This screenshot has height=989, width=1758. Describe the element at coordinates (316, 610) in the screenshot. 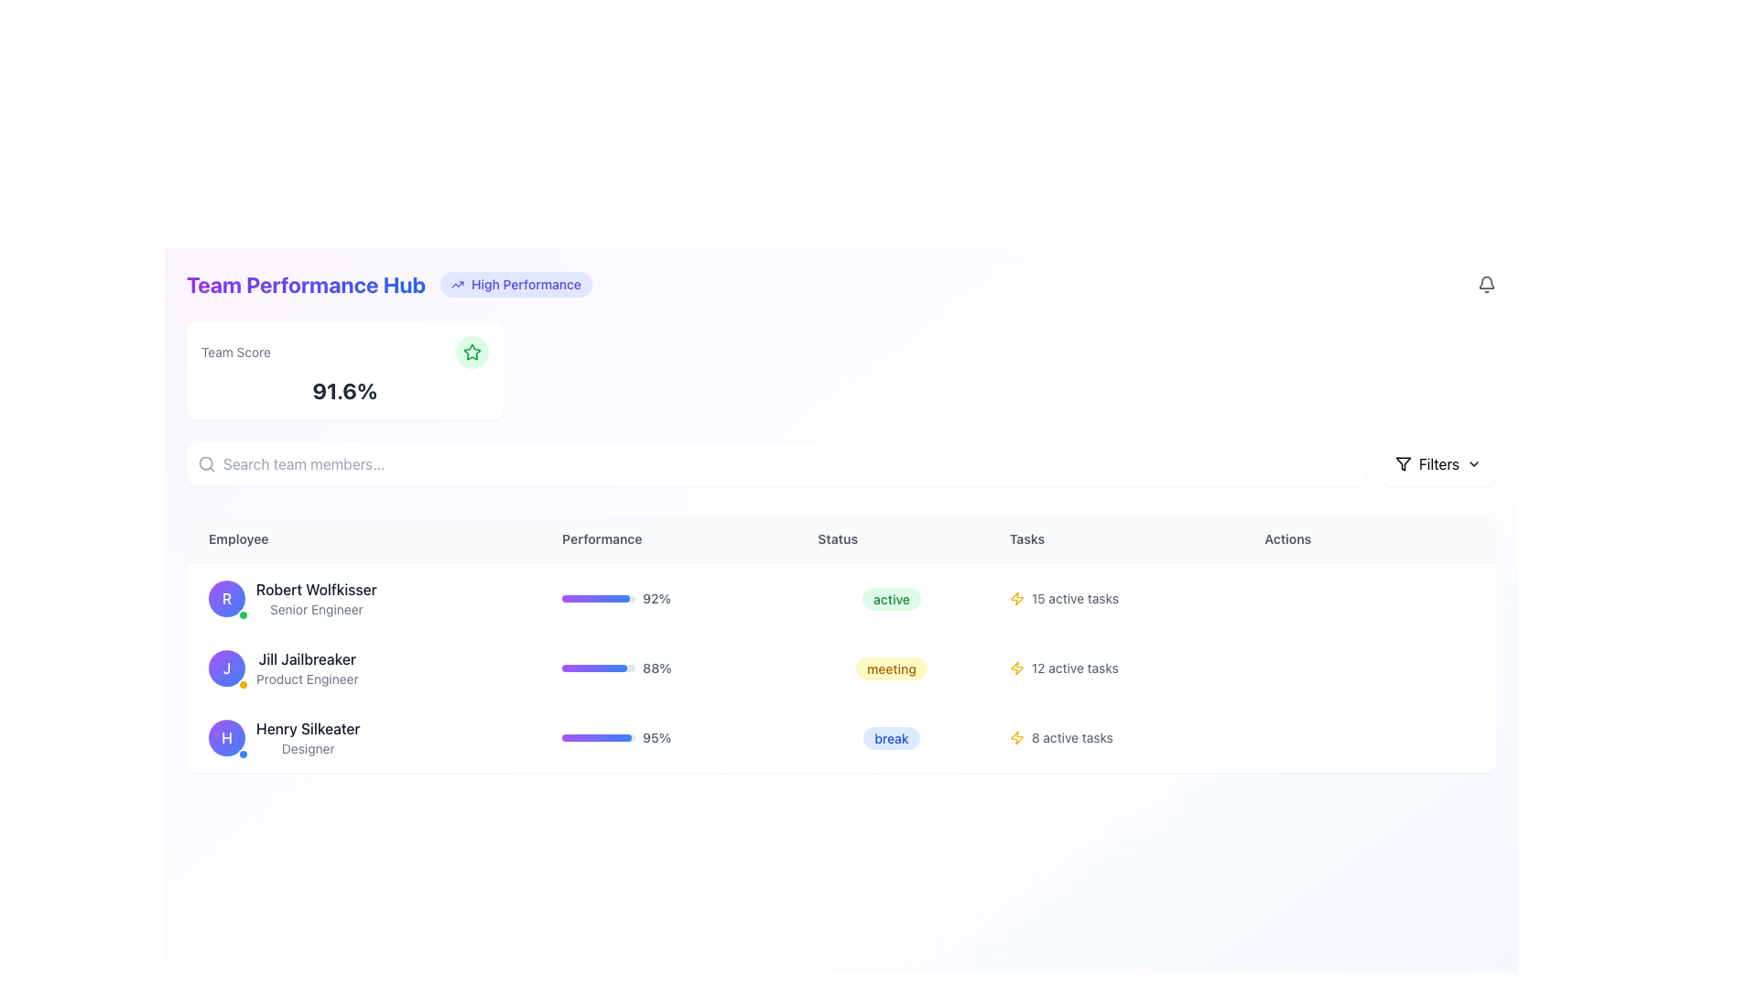

I see `the static text label reading 'Senior Engineer', which is positioned below 'Robert Wolfkisser' in the Employee column of the table` at that location.